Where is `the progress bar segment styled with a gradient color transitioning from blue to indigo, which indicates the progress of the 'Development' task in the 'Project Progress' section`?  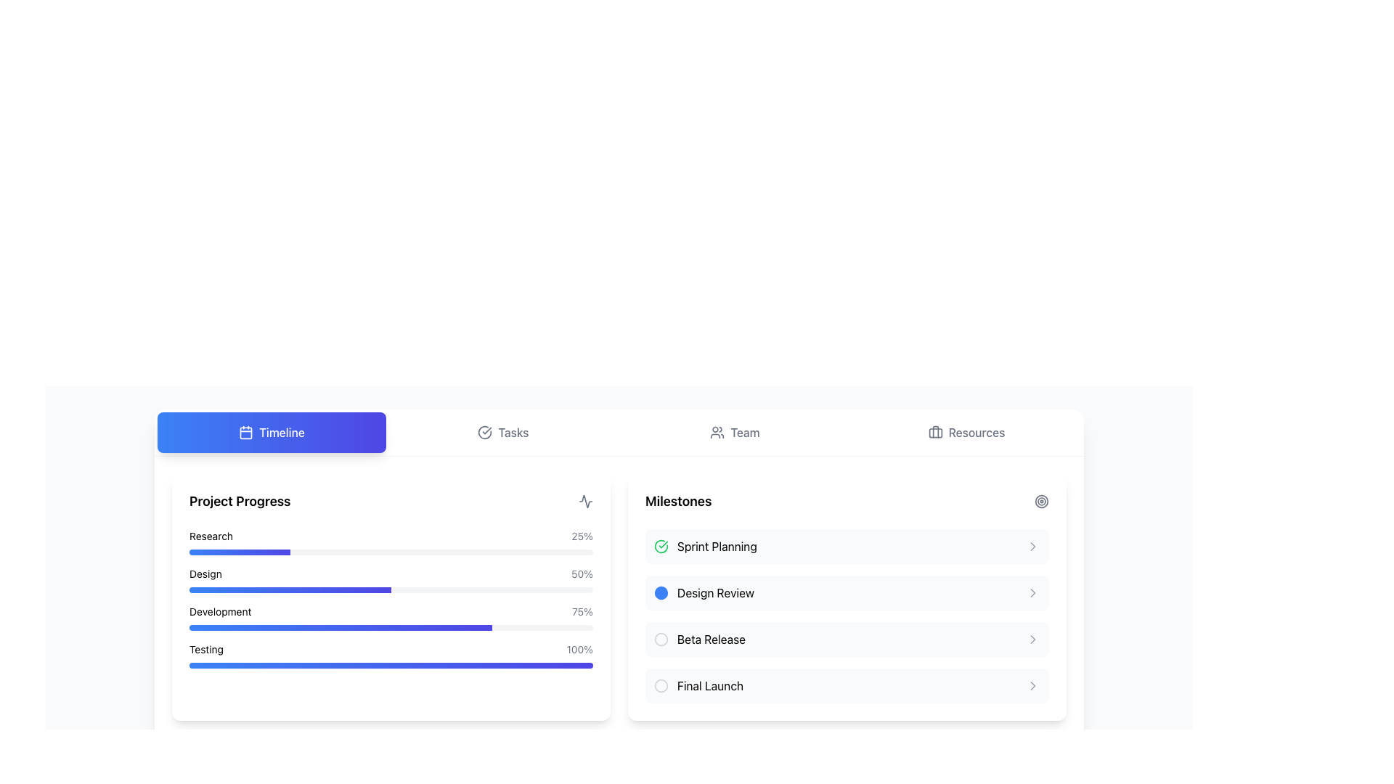 the progress bar segment styled with a gradient color transitioning from blue to indigo, which indicates the progress of the 'Development' task in the 'Project Progress' section is located at coordinates (340, 626).